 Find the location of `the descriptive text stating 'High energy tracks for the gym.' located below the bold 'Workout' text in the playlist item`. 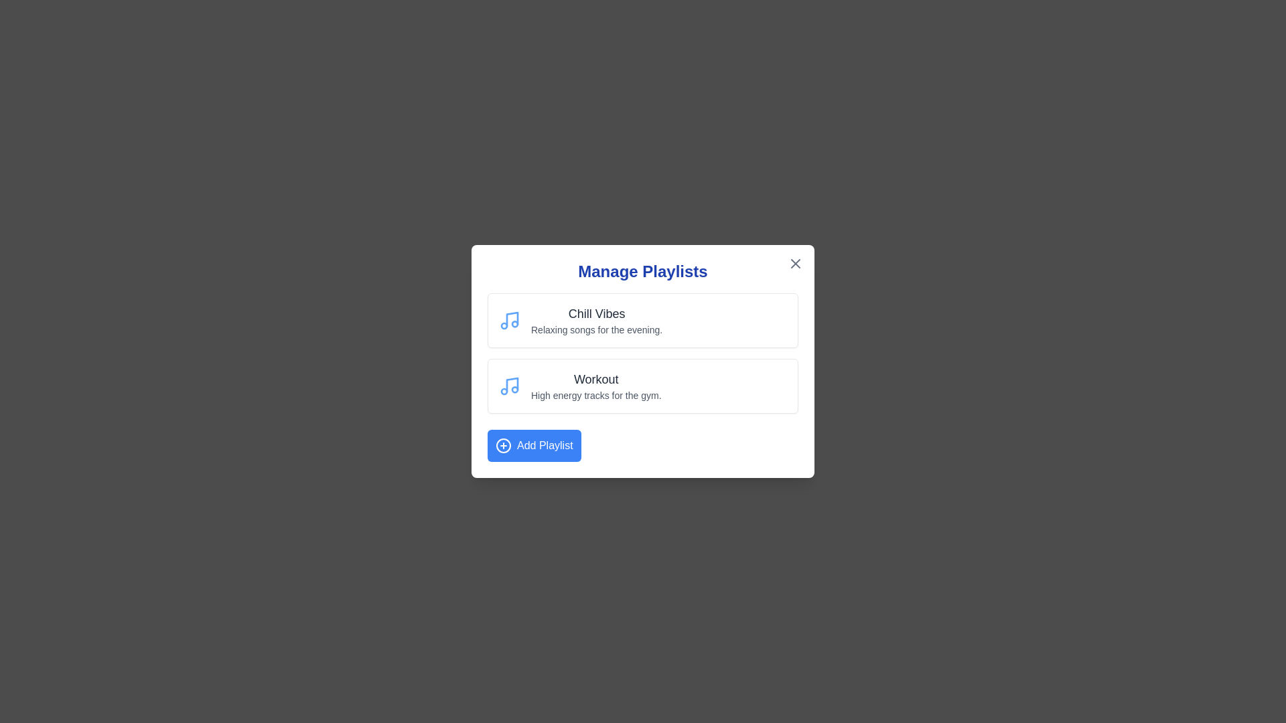

the descriptive text stating 'High energy tracks for the gym.' located below the bold 'Workout' text in the playlist item is located at coordinates (595, 394).